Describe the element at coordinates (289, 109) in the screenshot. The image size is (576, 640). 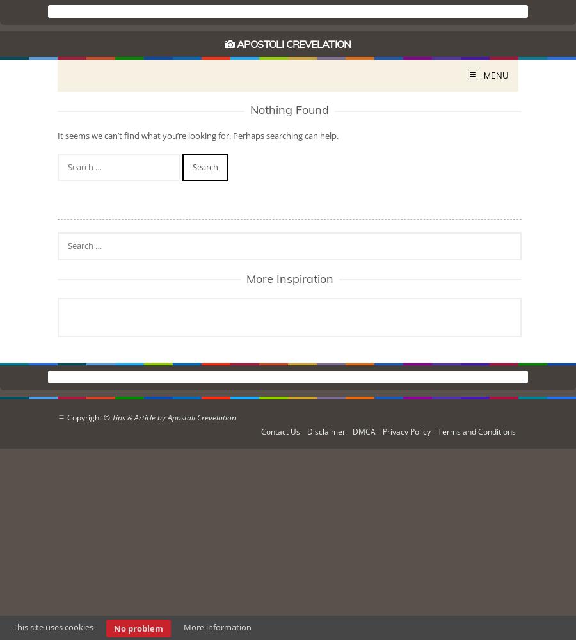
I see `'Nothing Found'` at that location.